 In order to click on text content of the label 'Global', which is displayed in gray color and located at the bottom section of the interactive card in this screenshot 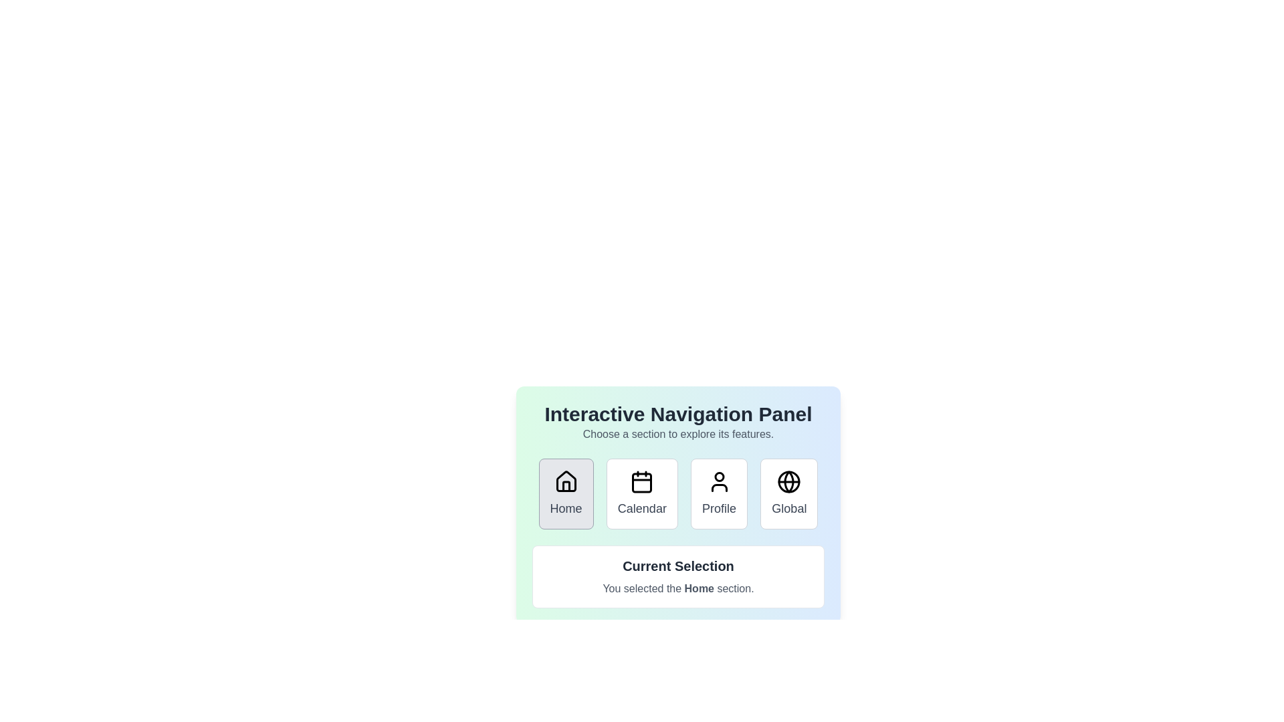, I will do `click(789, 508)`.